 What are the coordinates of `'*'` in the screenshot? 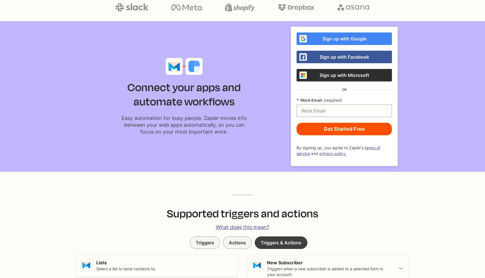 It's located at (297, 100).